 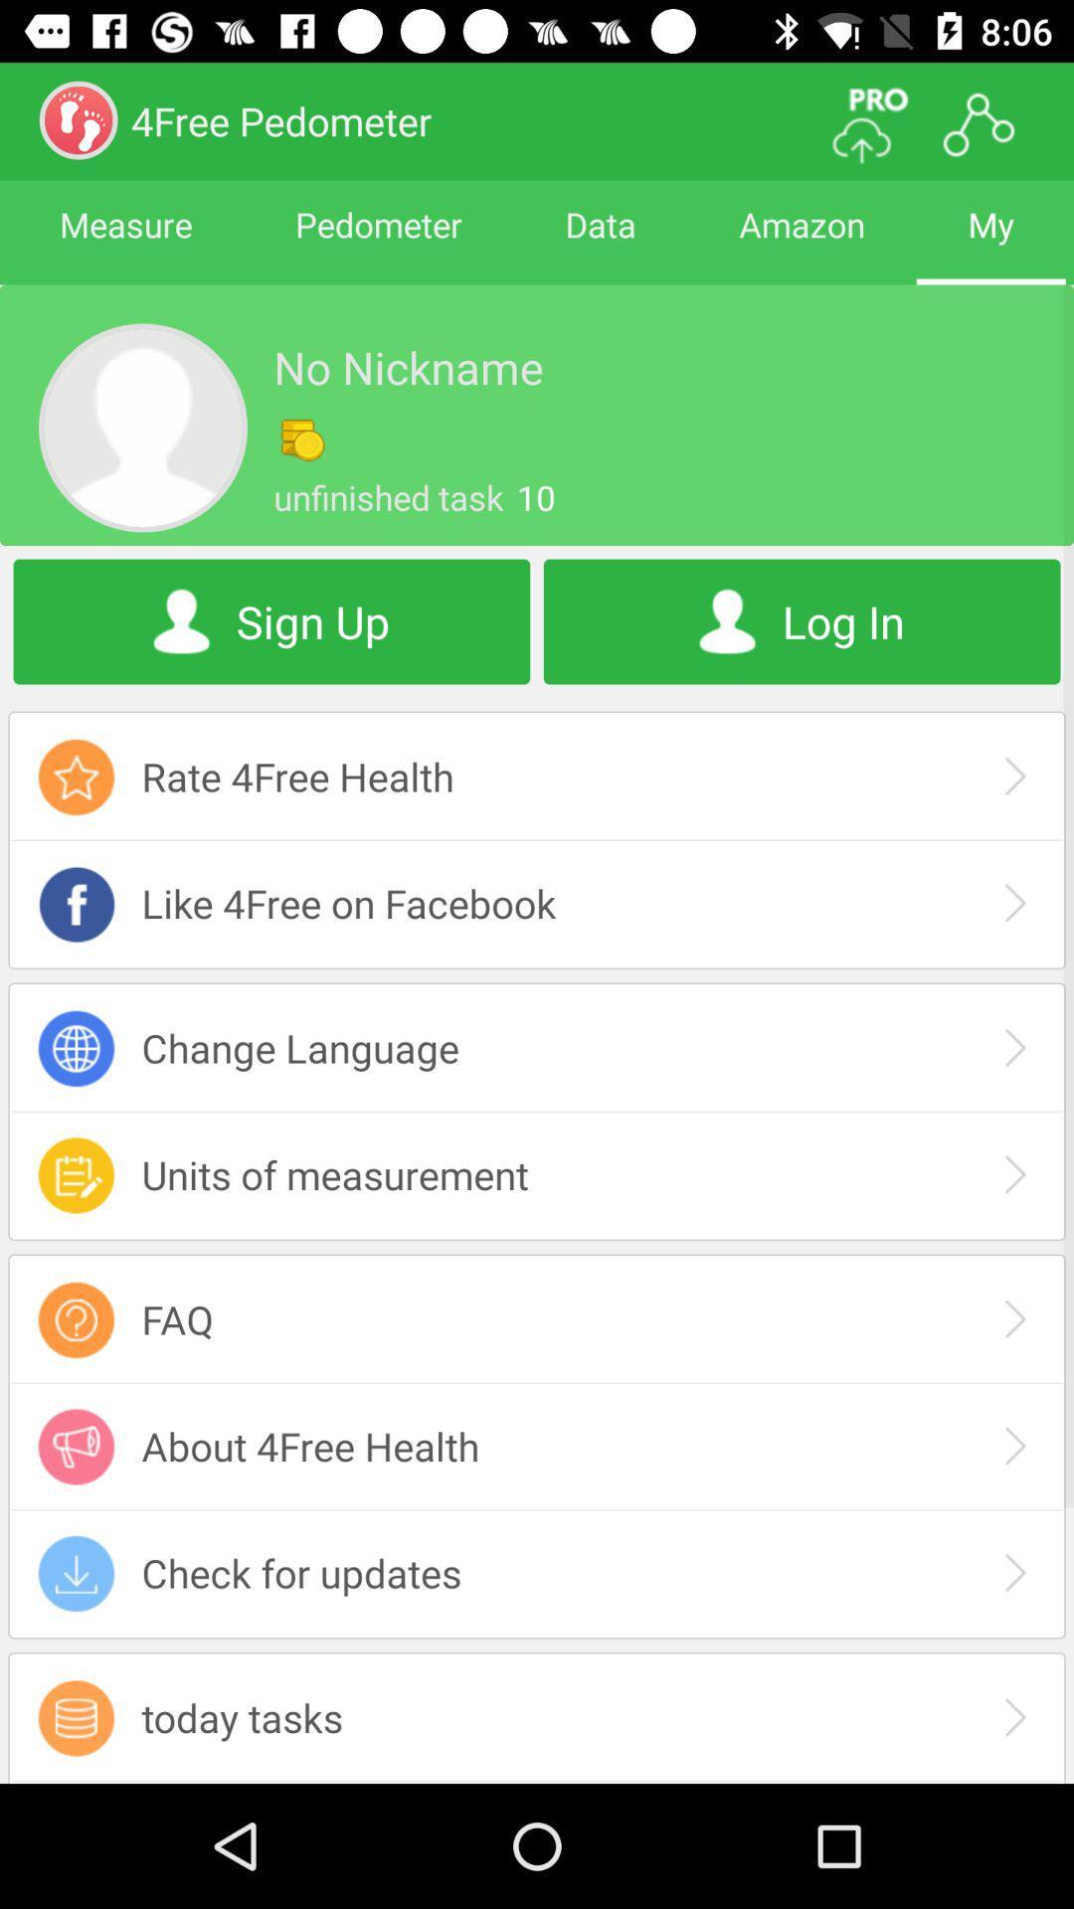 I want to click on icon to the left of my, so click(x=801, y=242).